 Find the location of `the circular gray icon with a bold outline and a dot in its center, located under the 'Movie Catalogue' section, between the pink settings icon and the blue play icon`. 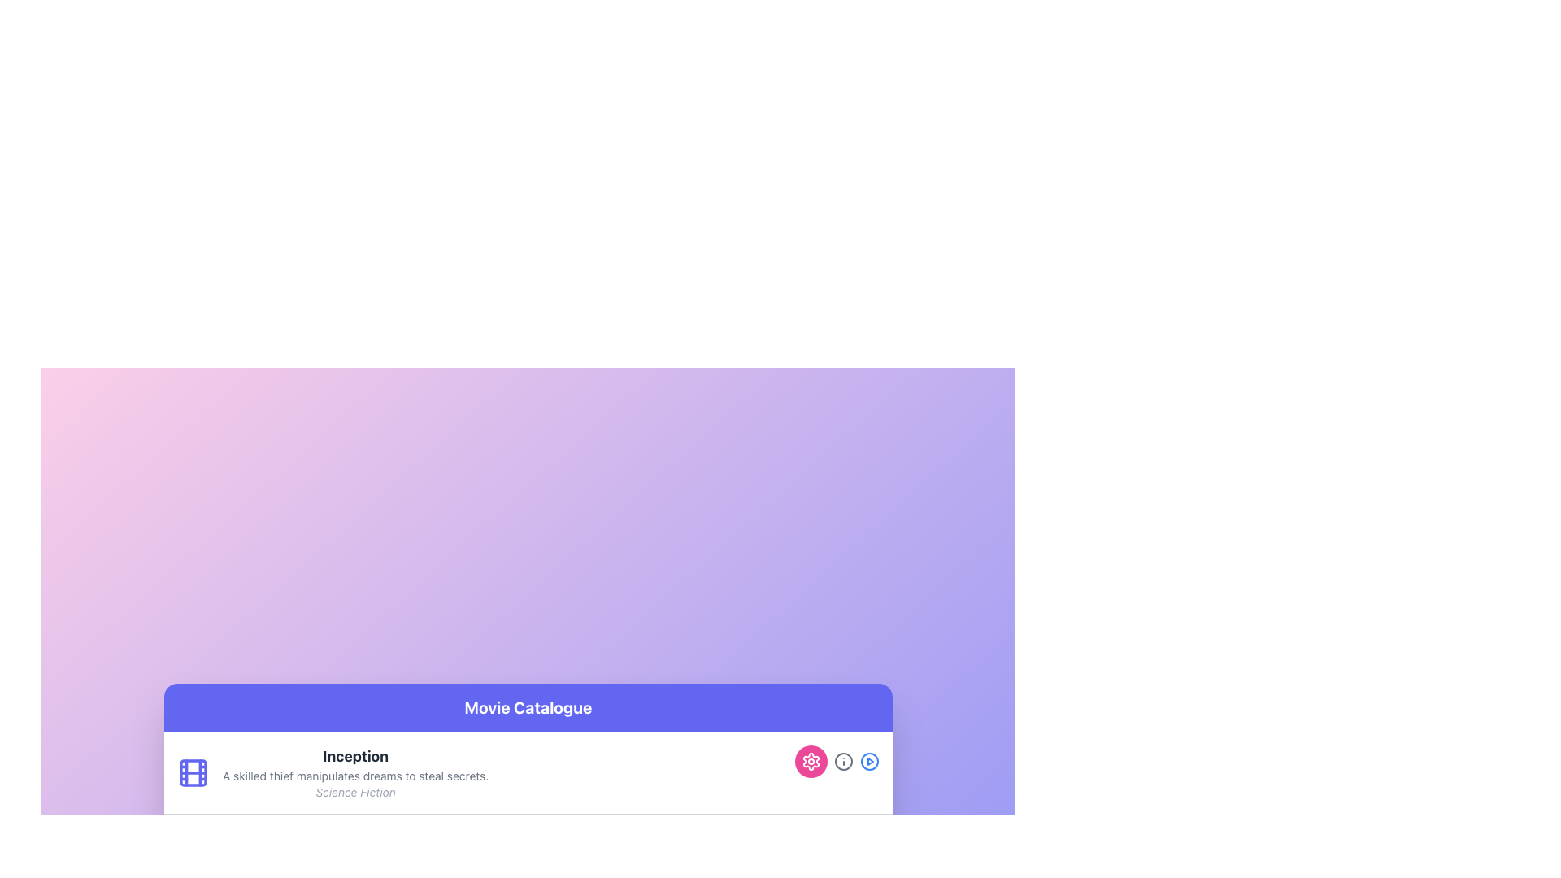

the circular gray icon with a bold outline and a dot in its center, located under the 'Movie Catalogue' section, between the pink settings icon and the blue play icon is located at coordinates (843, 761).